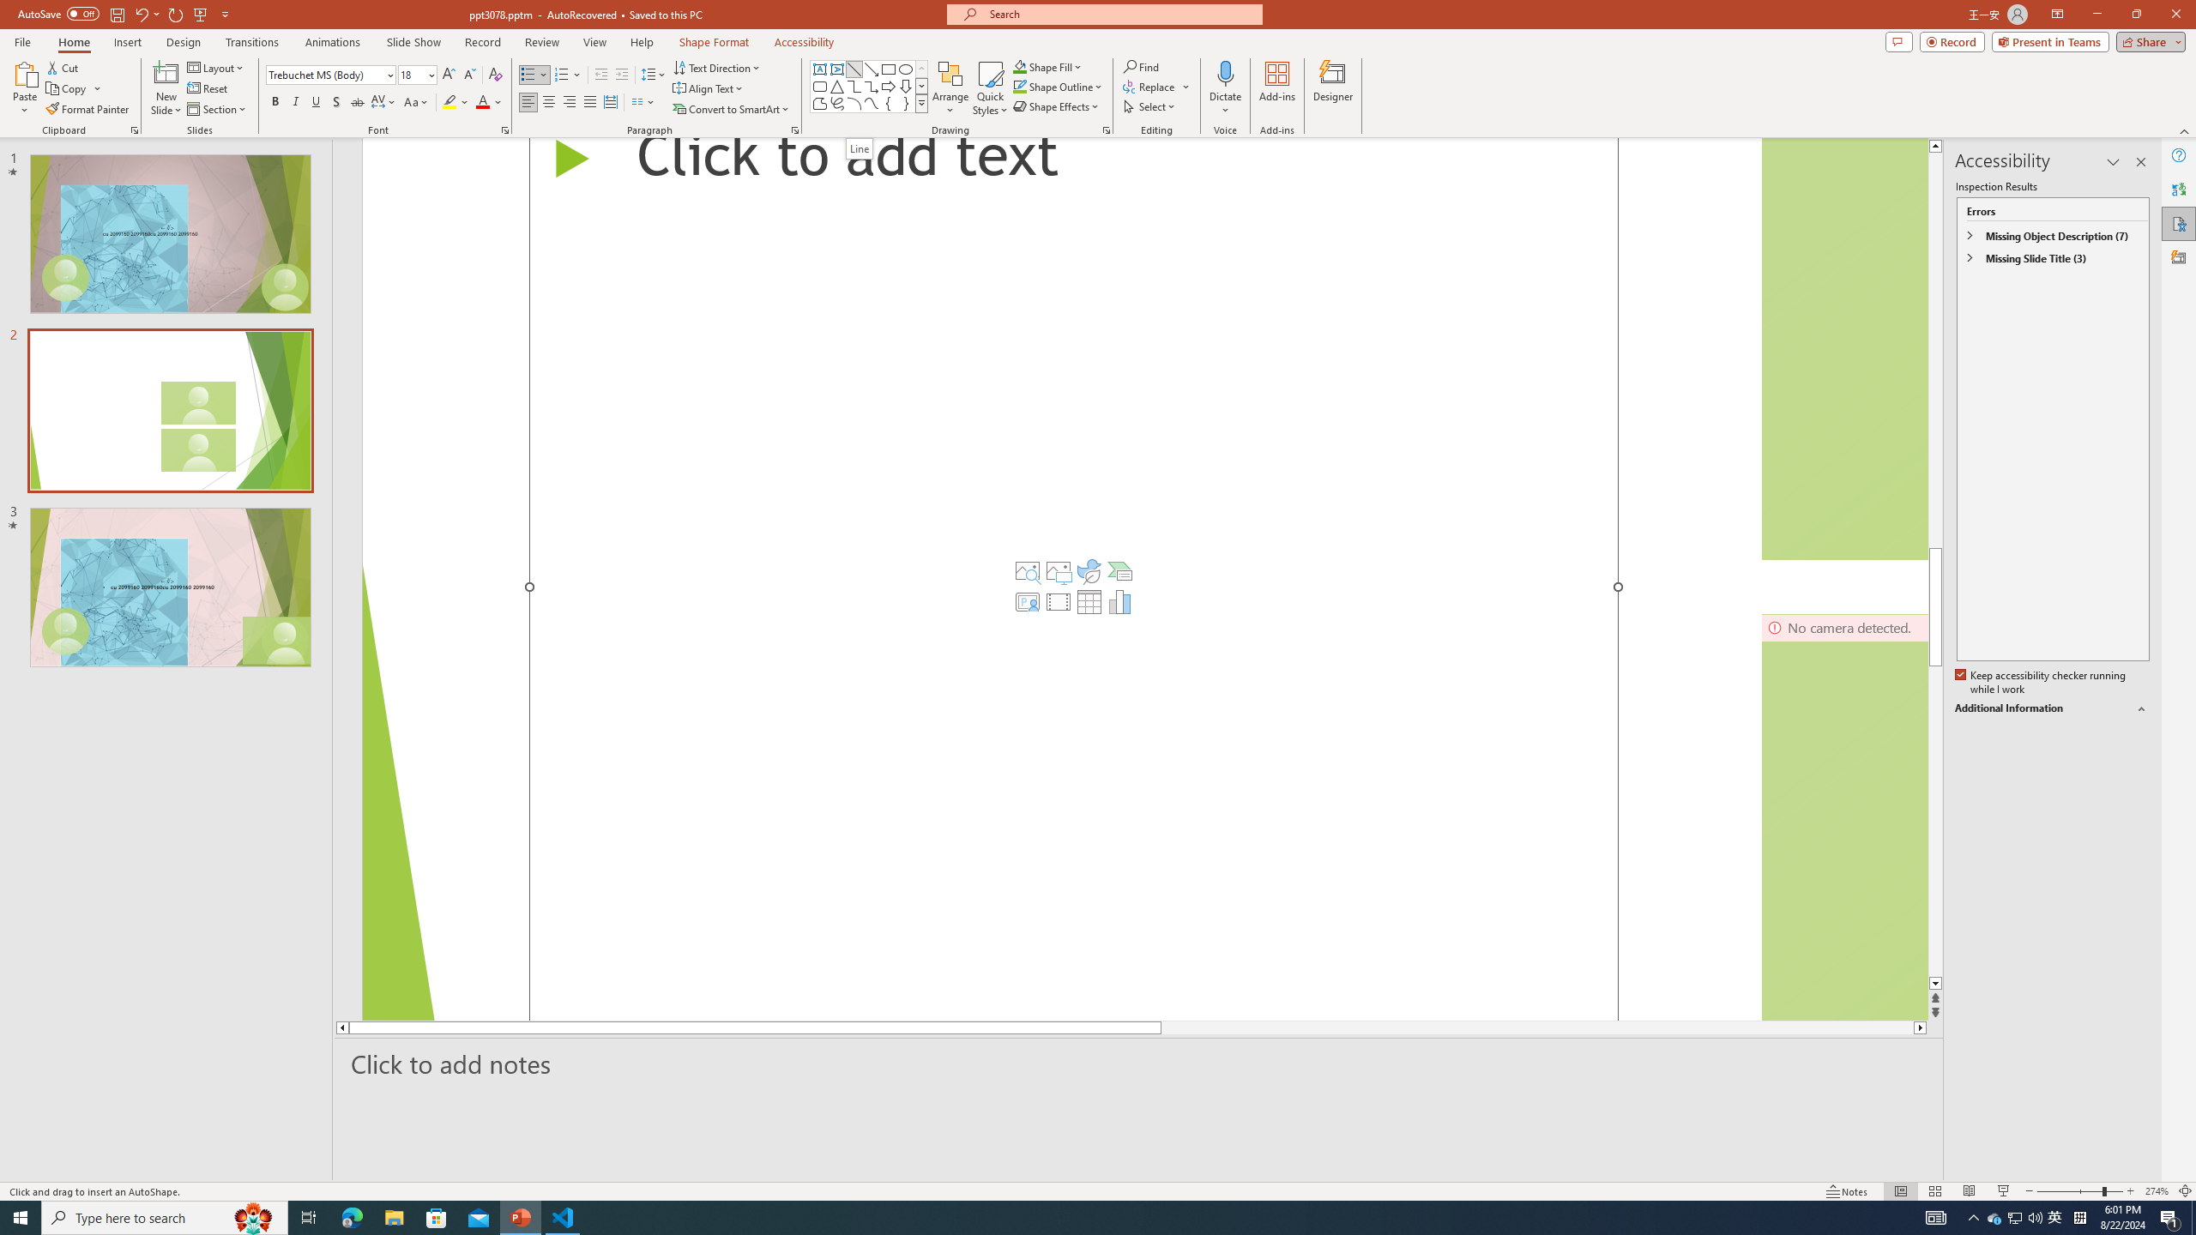  Describe the element at coordinates (920, 102) in the screenshot. I see `'Class: NetUIImage'` at that location.